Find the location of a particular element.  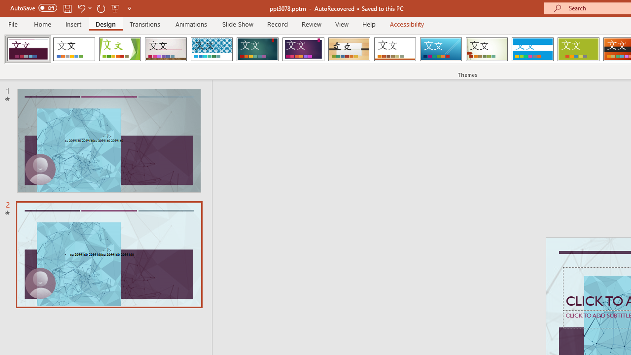

'Office Theme' is located at coordinates (73, 49).